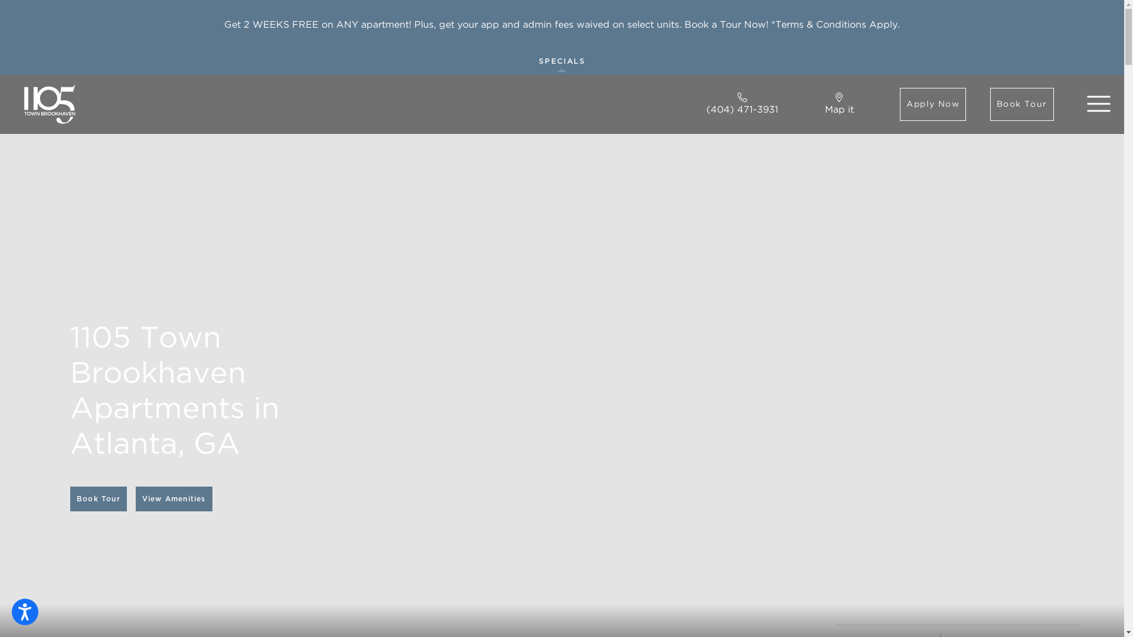  What do you see at coordinates (173, 498) in the screenshot?
I see `'View Amenities'` at bounding box center [173, 498].